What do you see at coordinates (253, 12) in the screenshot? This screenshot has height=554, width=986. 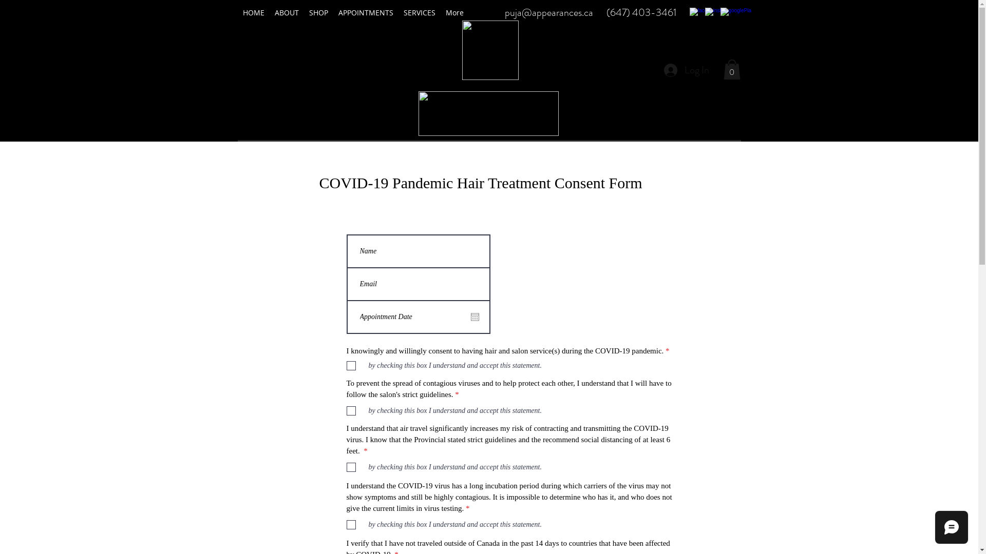 I see `'HOME'` at bounding box center [253, 12].